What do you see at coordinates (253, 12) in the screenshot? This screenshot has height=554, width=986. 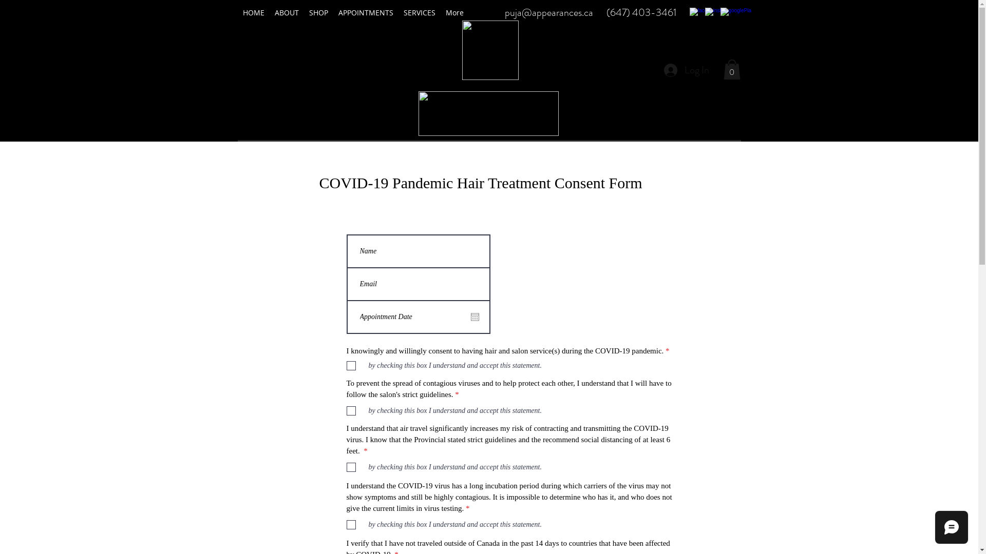 I see `'HOME'` at bounding box center [253, 12].